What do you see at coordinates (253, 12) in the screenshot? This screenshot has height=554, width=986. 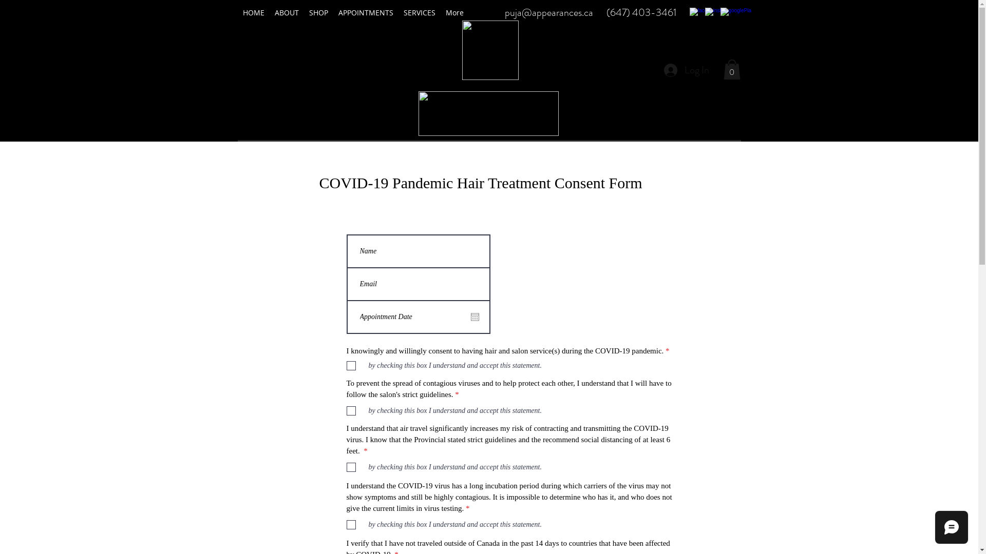 I see `'HOME'` at bounding box center [253, 12].